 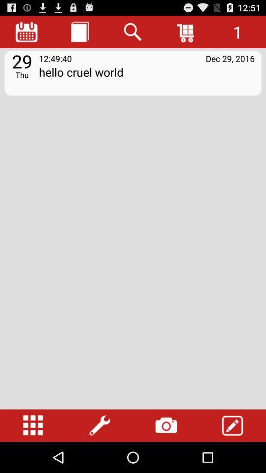 I want to click on app above the hello cruel world app, so click(x=186, y=32).